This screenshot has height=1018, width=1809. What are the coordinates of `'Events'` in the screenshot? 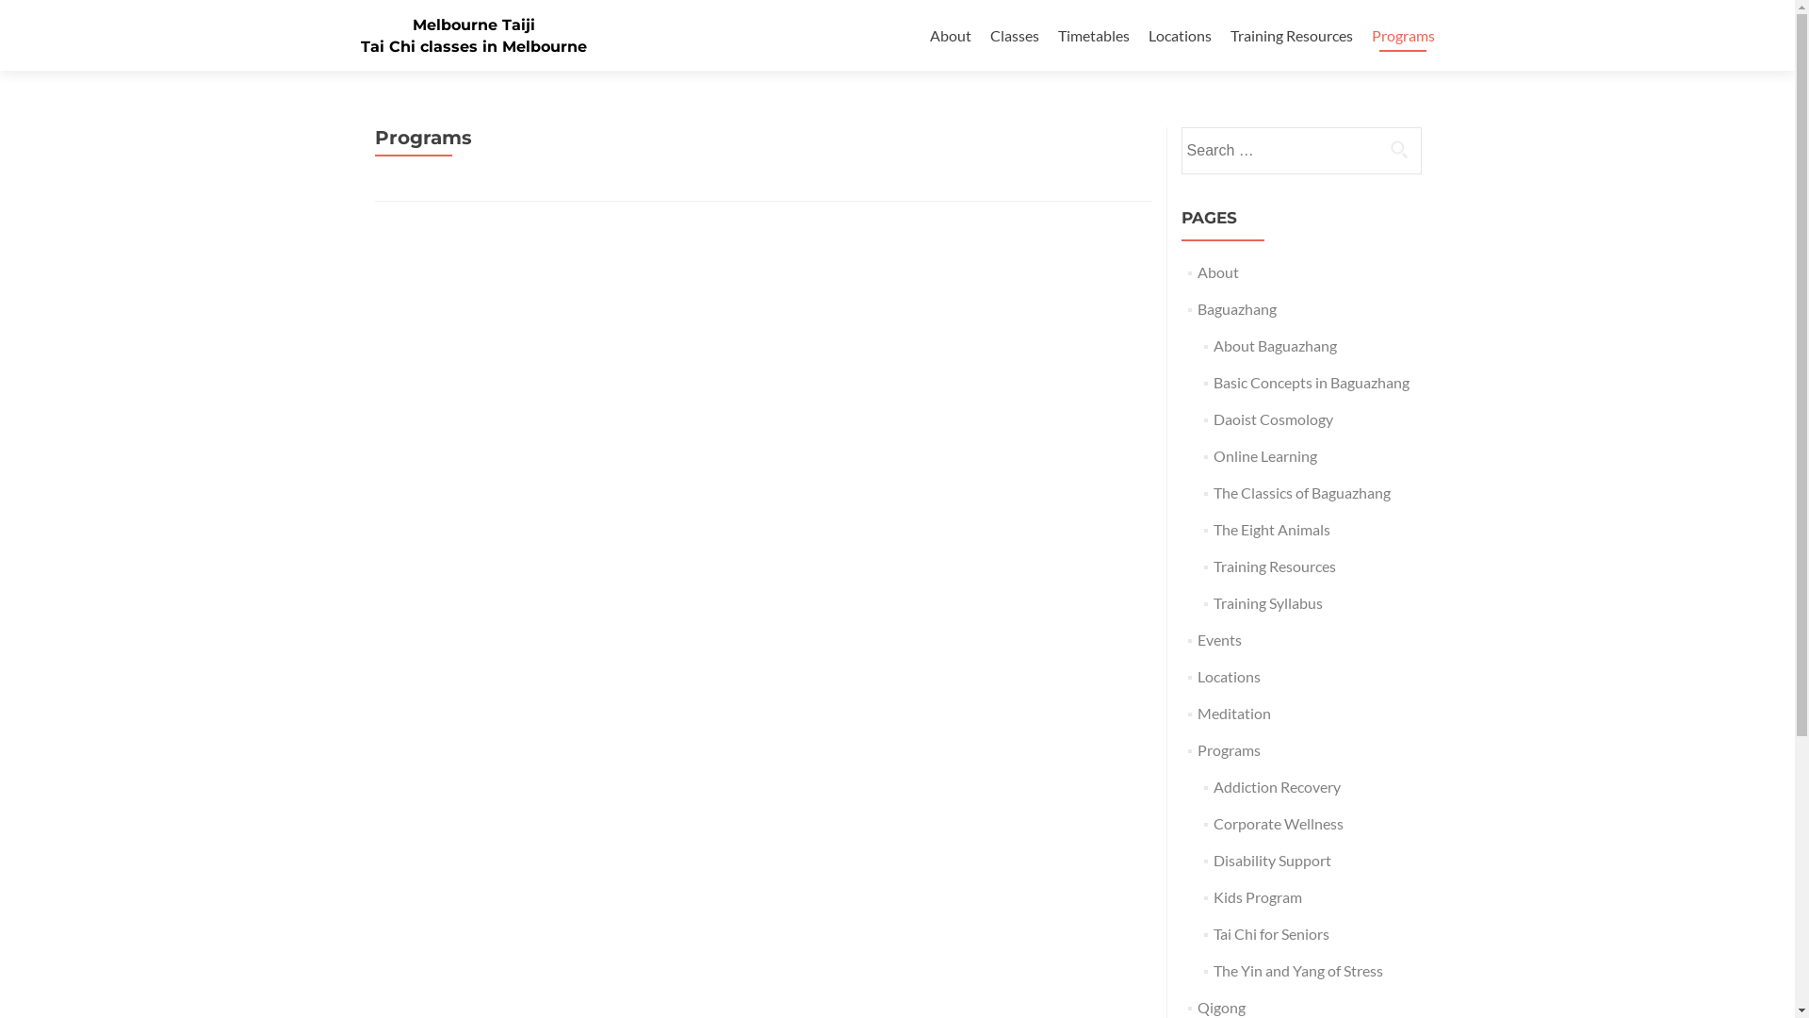 It's located at (1219, 638).